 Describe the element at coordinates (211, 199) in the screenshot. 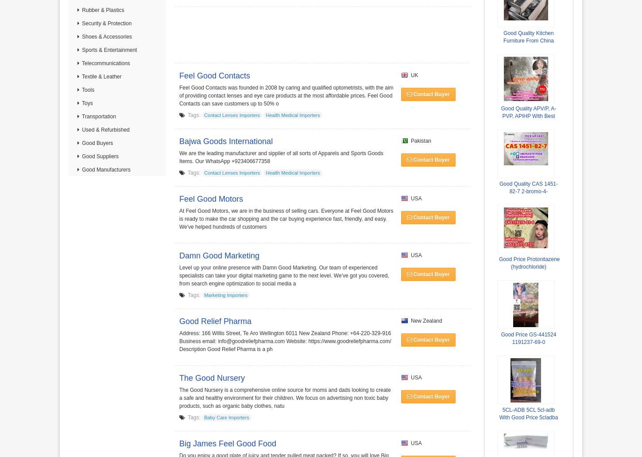

I see `'Feel Good Motors'` at that location.